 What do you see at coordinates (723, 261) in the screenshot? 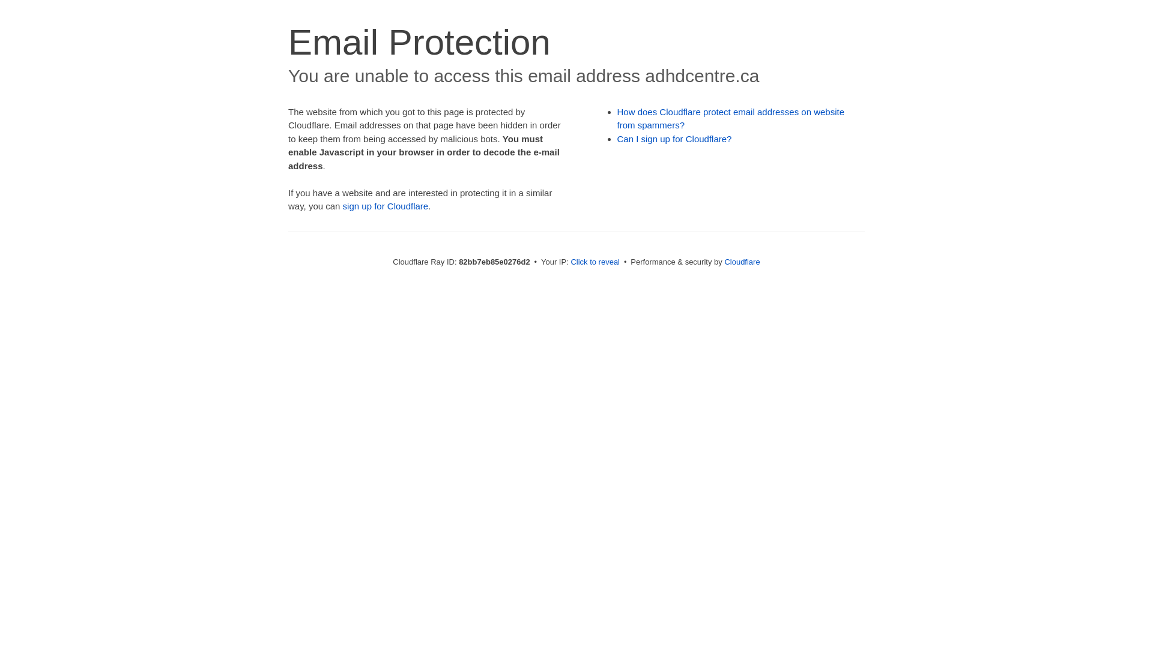
I see `'Cloudflare'` at bounding box center [723, 261].